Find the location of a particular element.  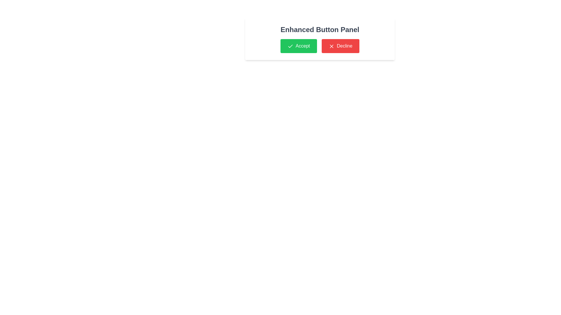

the 'X' icon located inside the red 'Decline' button, which is positioned beneath the 'Enhanced Button Panel' is located at coordinates (331, 46).